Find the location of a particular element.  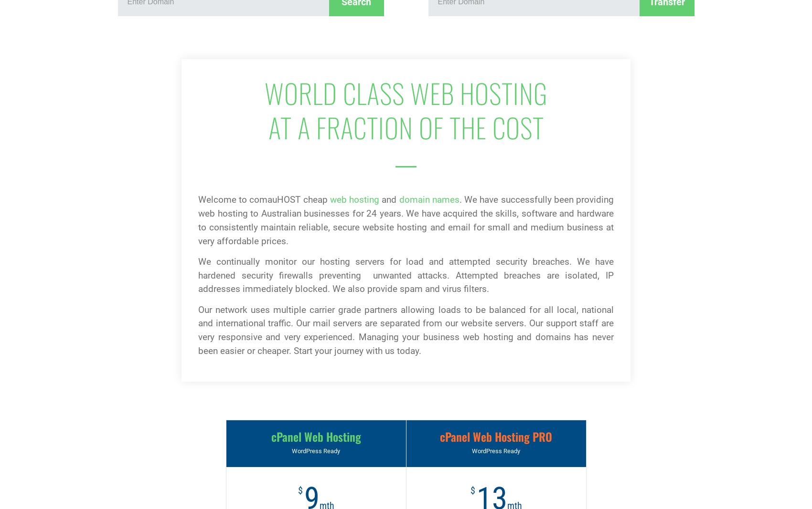

'cPanel Web Hosting' is located at coordinates (315, 436).